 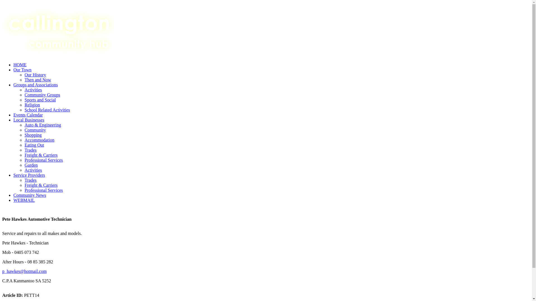 What do you see at coordinates (265, 226) in the screenshot?
I see `'Pete Hawkes Automotive Technician'` at bounding box center [265, 226].